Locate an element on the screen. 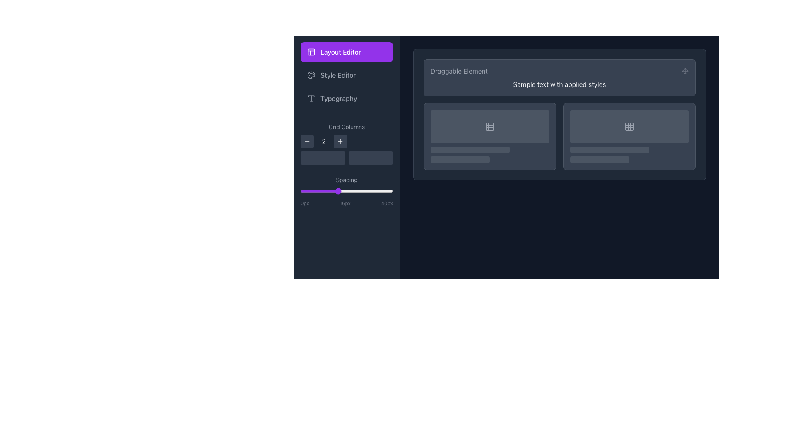  the circular '+' button located to the right of the 'Grid Columns' input field to increase the grid column count is located at coordinates (340, 141).